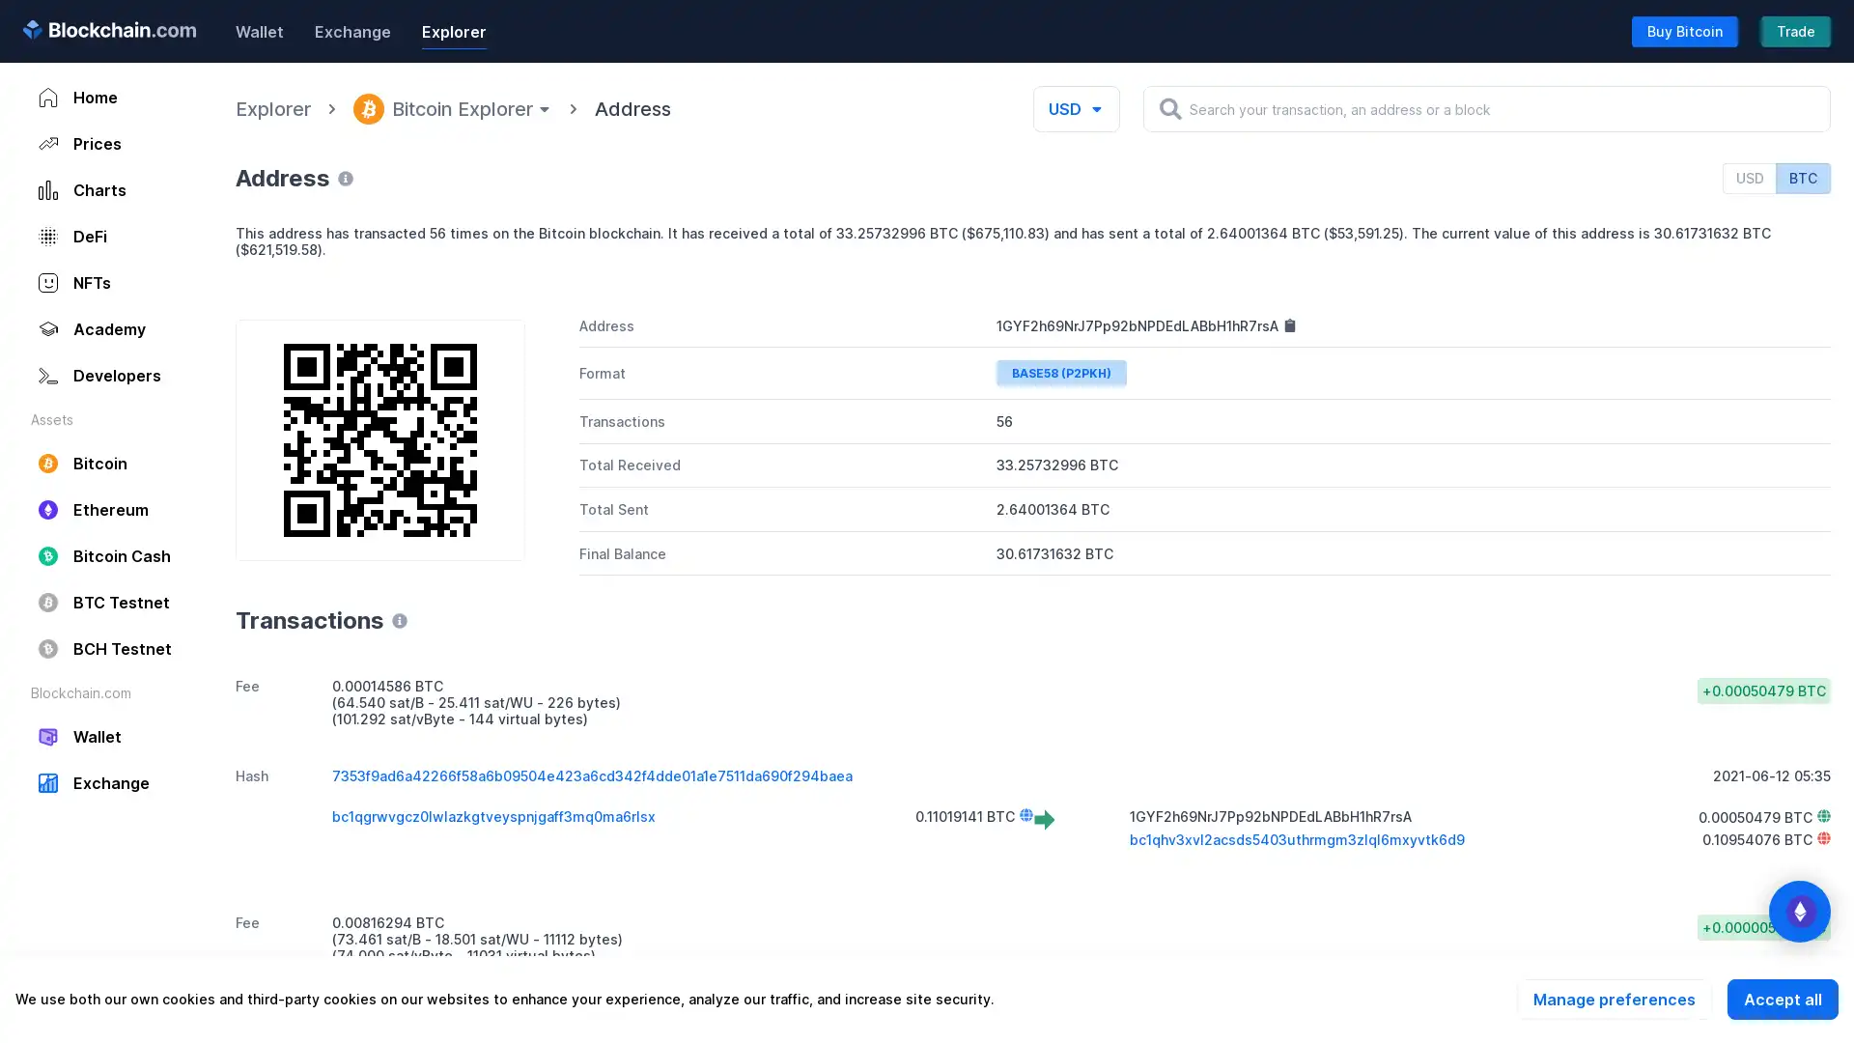 The image size is (1854, 1043). I want to click on Manage preferences, so click(1614, 999).